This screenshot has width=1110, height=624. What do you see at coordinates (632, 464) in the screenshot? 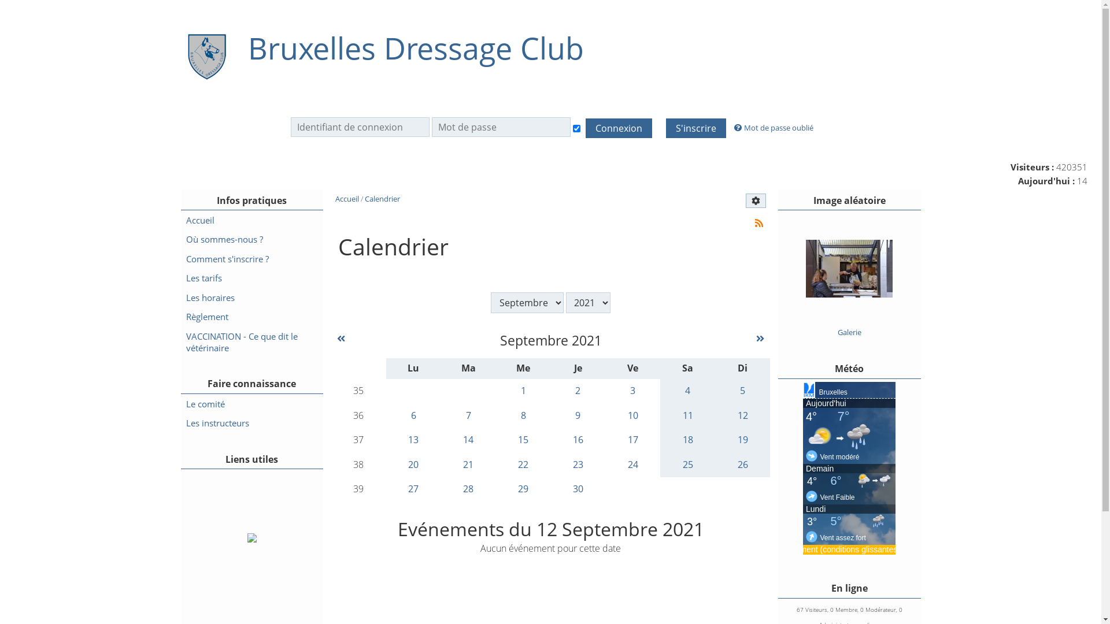
I see `'24'` at bounding box center [632, 464].